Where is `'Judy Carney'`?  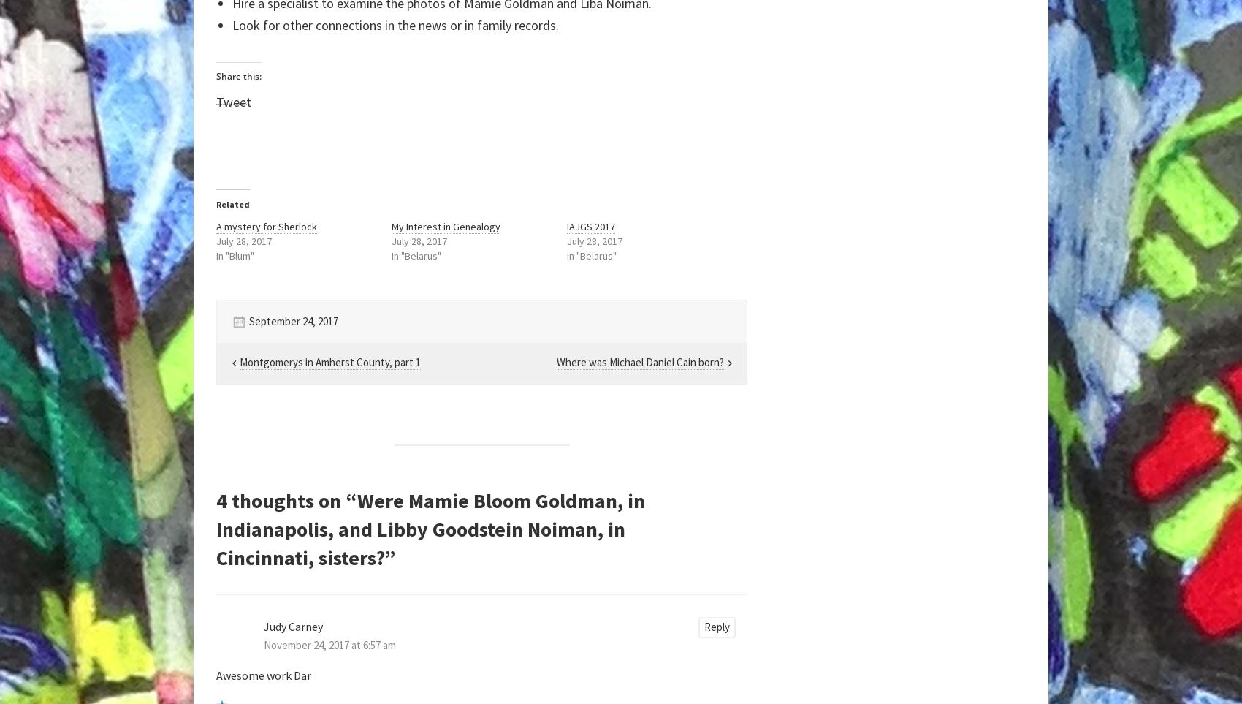 'Judy Carney' is located at coordinates (292, 626).